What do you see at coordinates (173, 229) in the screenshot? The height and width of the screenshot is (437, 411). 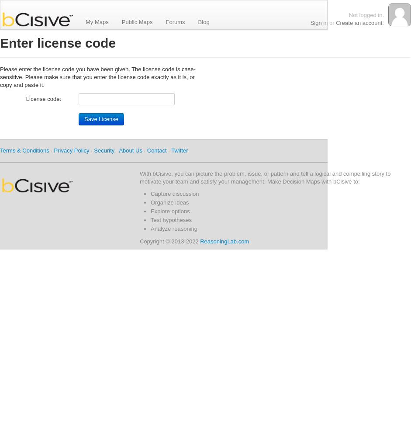 I see `'Analyze reasoning'` at bounding box center [173, 229].